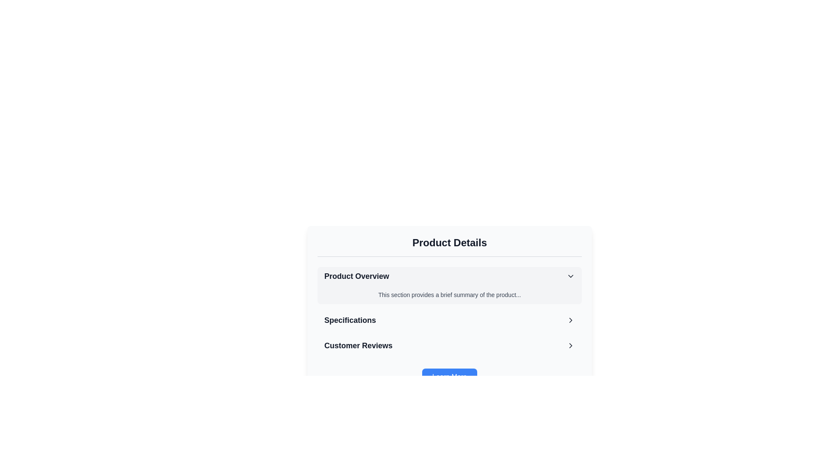 Image resolution: width=813 pixels, height=457 pixels. I want to click on the right-facing chevron icon in the 'Customer Reviews' section to trigger a tooltip or style change, so click(571, 346).